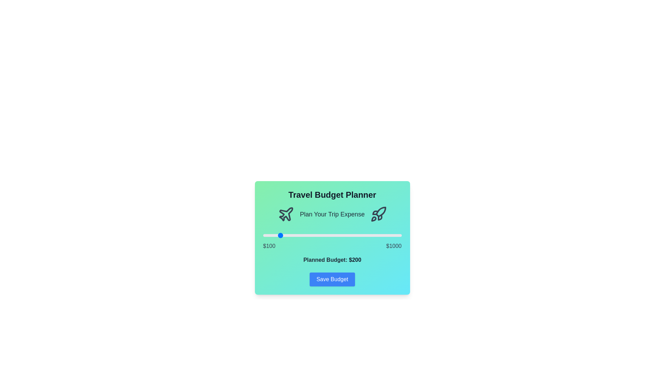  I want to click on the budget slider to set the budget to 947, so click(393, 235).